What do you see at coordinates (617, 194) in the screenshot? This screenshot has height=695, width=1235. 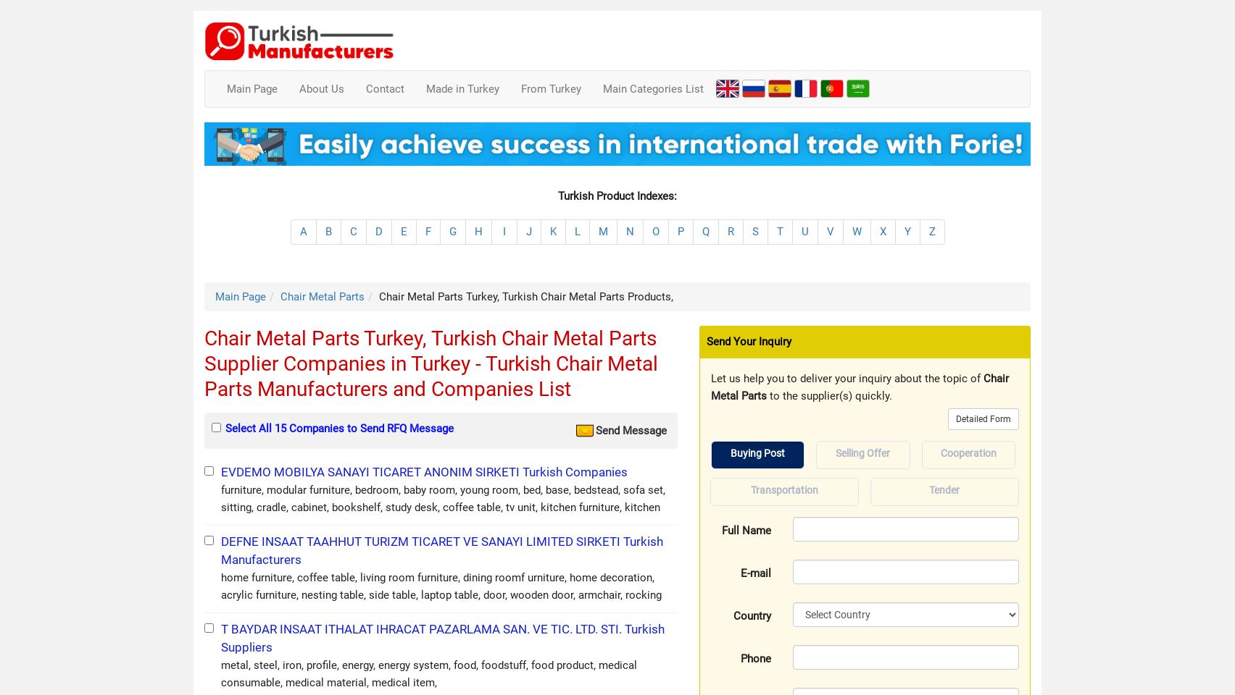 I see `'Turkish Product Indexes:'` at bounding box center [617, 194].